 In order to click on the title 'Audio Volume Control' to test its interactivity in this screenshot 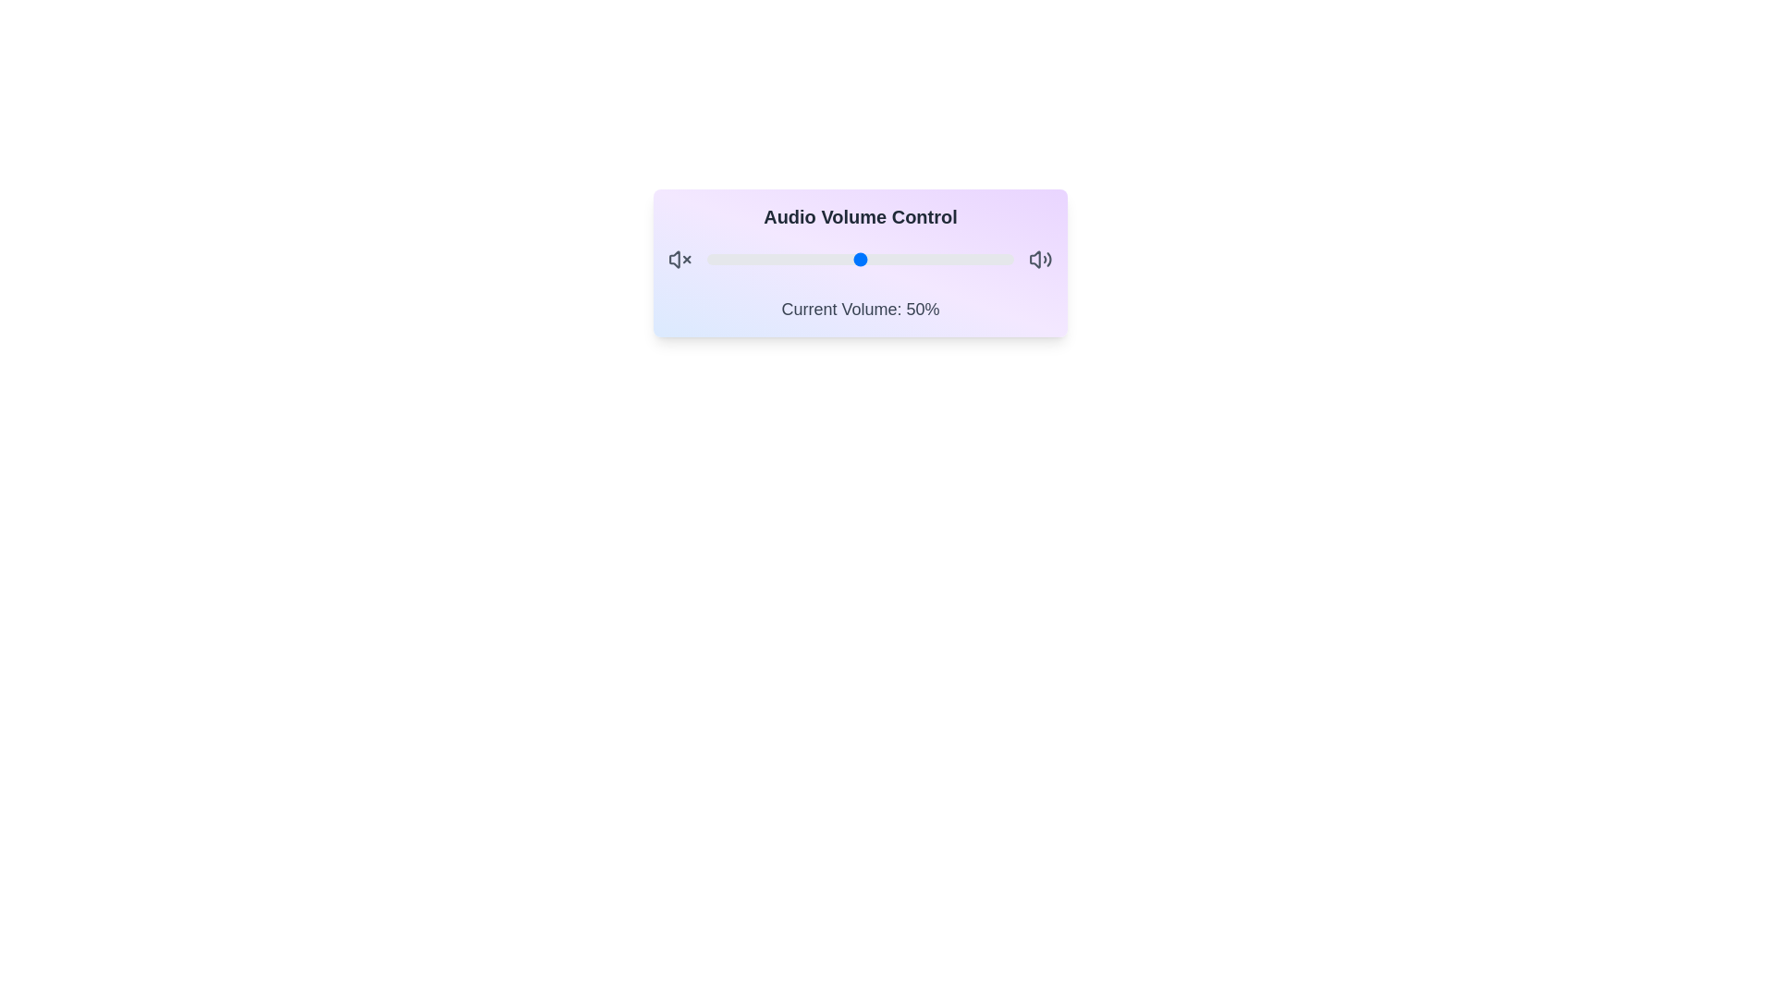, I will do `click(860, 216)`.